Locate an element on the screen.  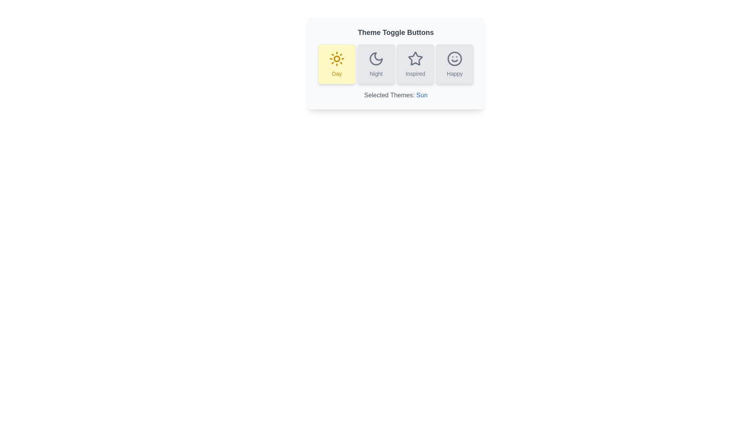
the 'Inspired' button, which is the third button in a group of four, to potentially reveal a tooltip or visual feedback is located at coordinates (415, 64).